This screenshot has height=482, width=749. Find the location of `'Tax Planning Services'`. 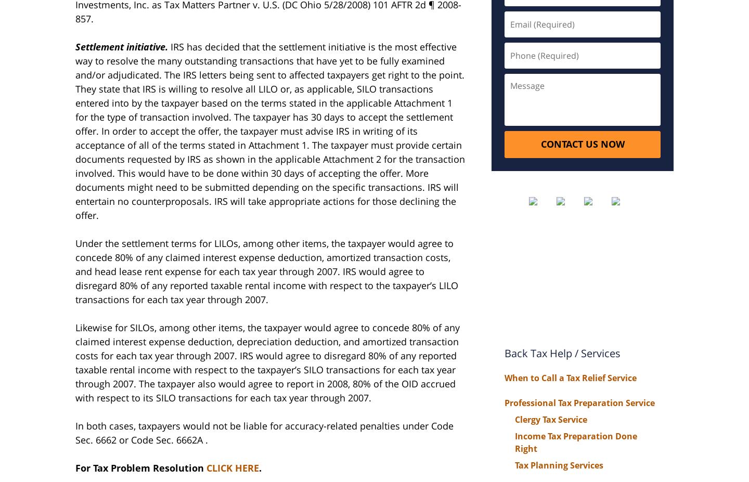

'Tax Planning Services' is located at coordinates (559, 464).